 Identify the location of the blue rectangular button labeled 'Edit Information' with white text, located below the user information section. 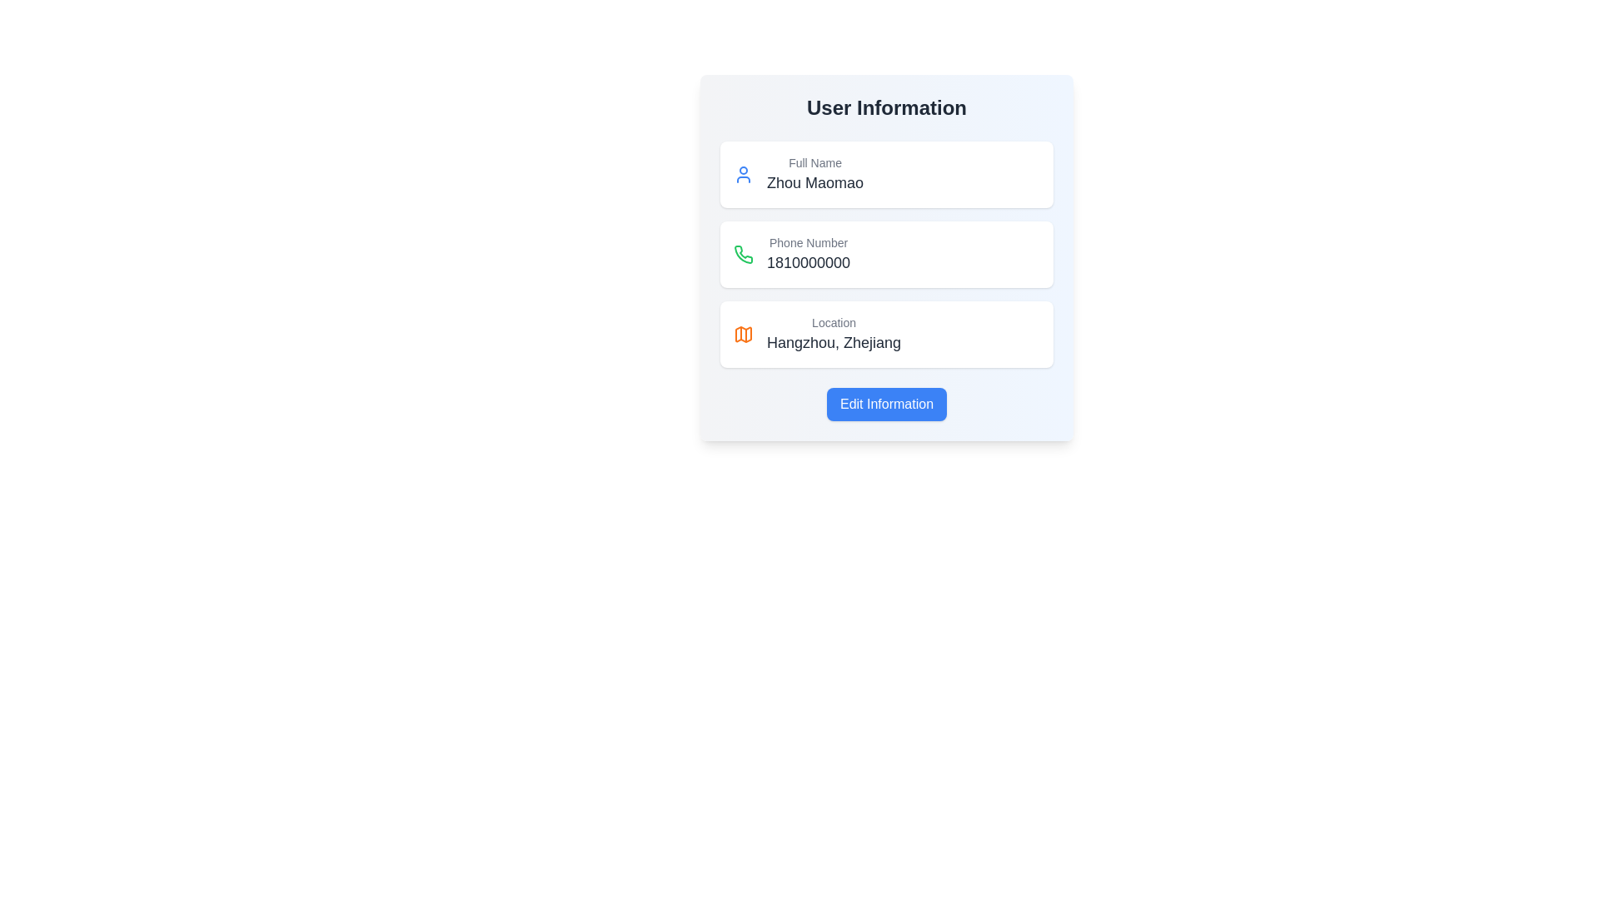
(886, 405).